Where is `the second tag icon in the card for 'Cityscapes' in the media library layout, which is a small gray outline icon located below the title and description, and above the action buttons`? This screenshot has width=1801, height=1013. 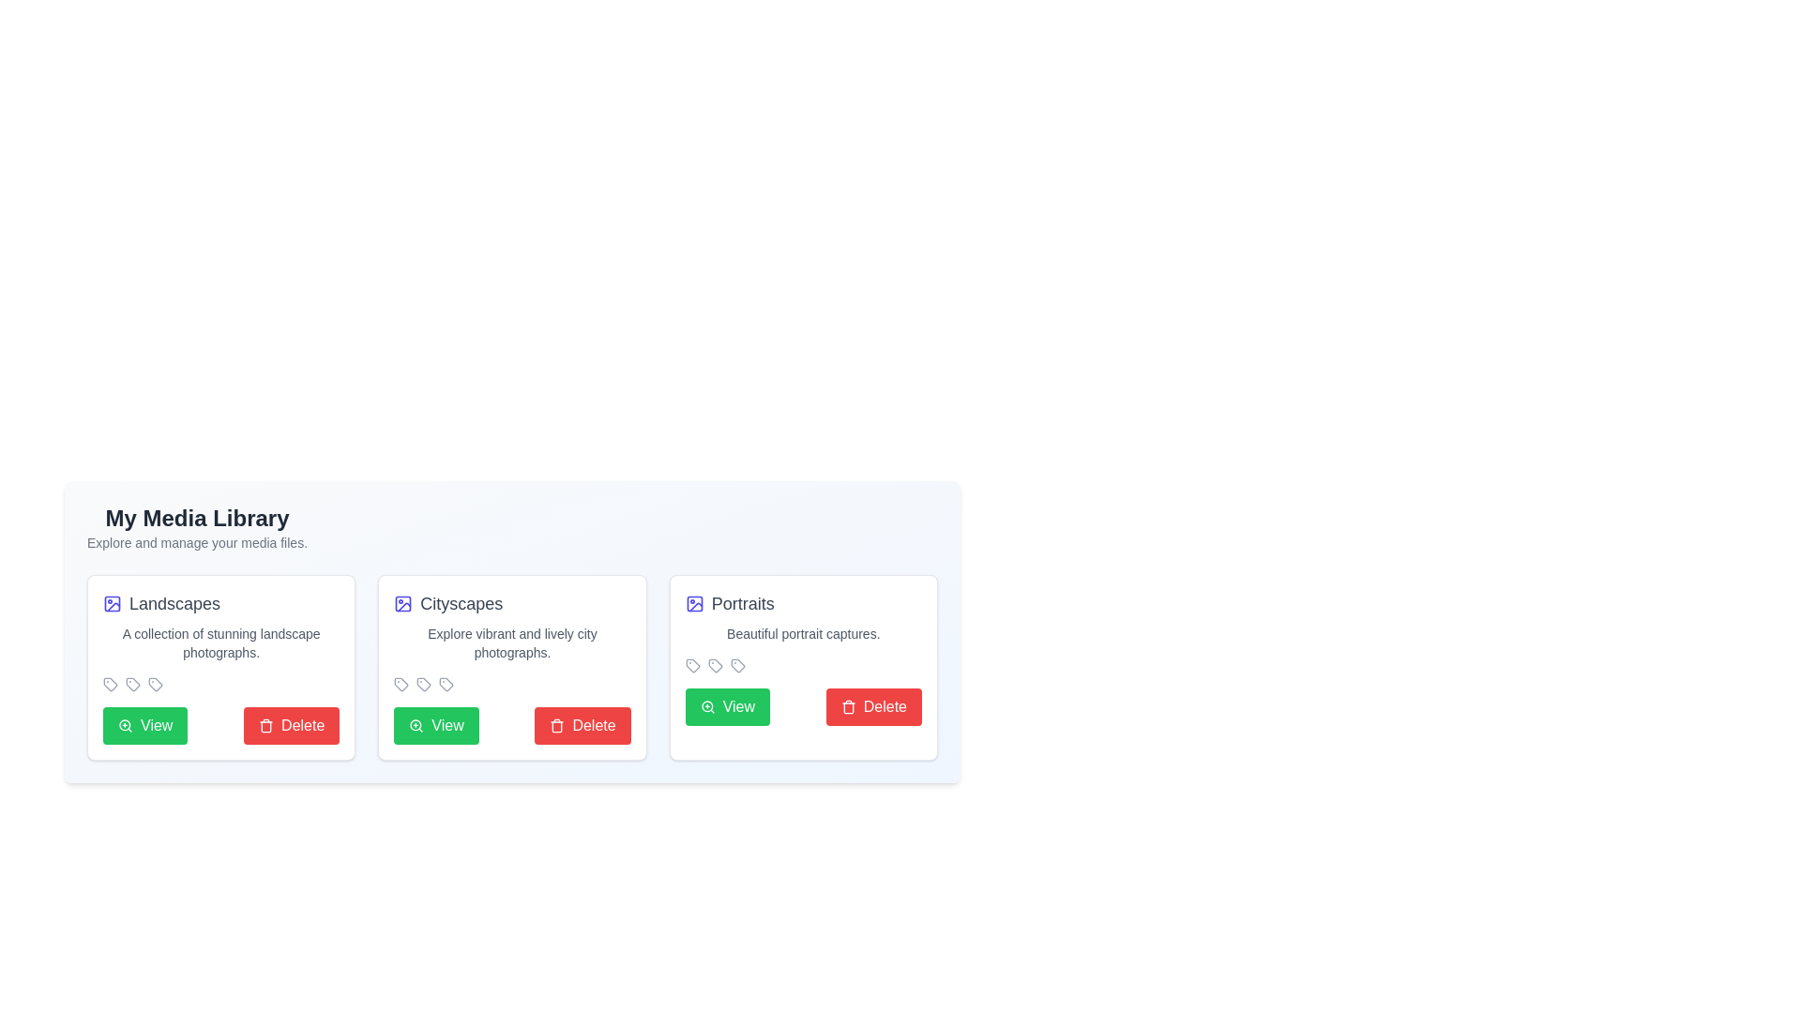
the second tag icon in the card for 'Cityscapes' in the media library layout, which is a small gray outline icon located below the title and description, and above the action buttons is located at coordinates (423, 684).